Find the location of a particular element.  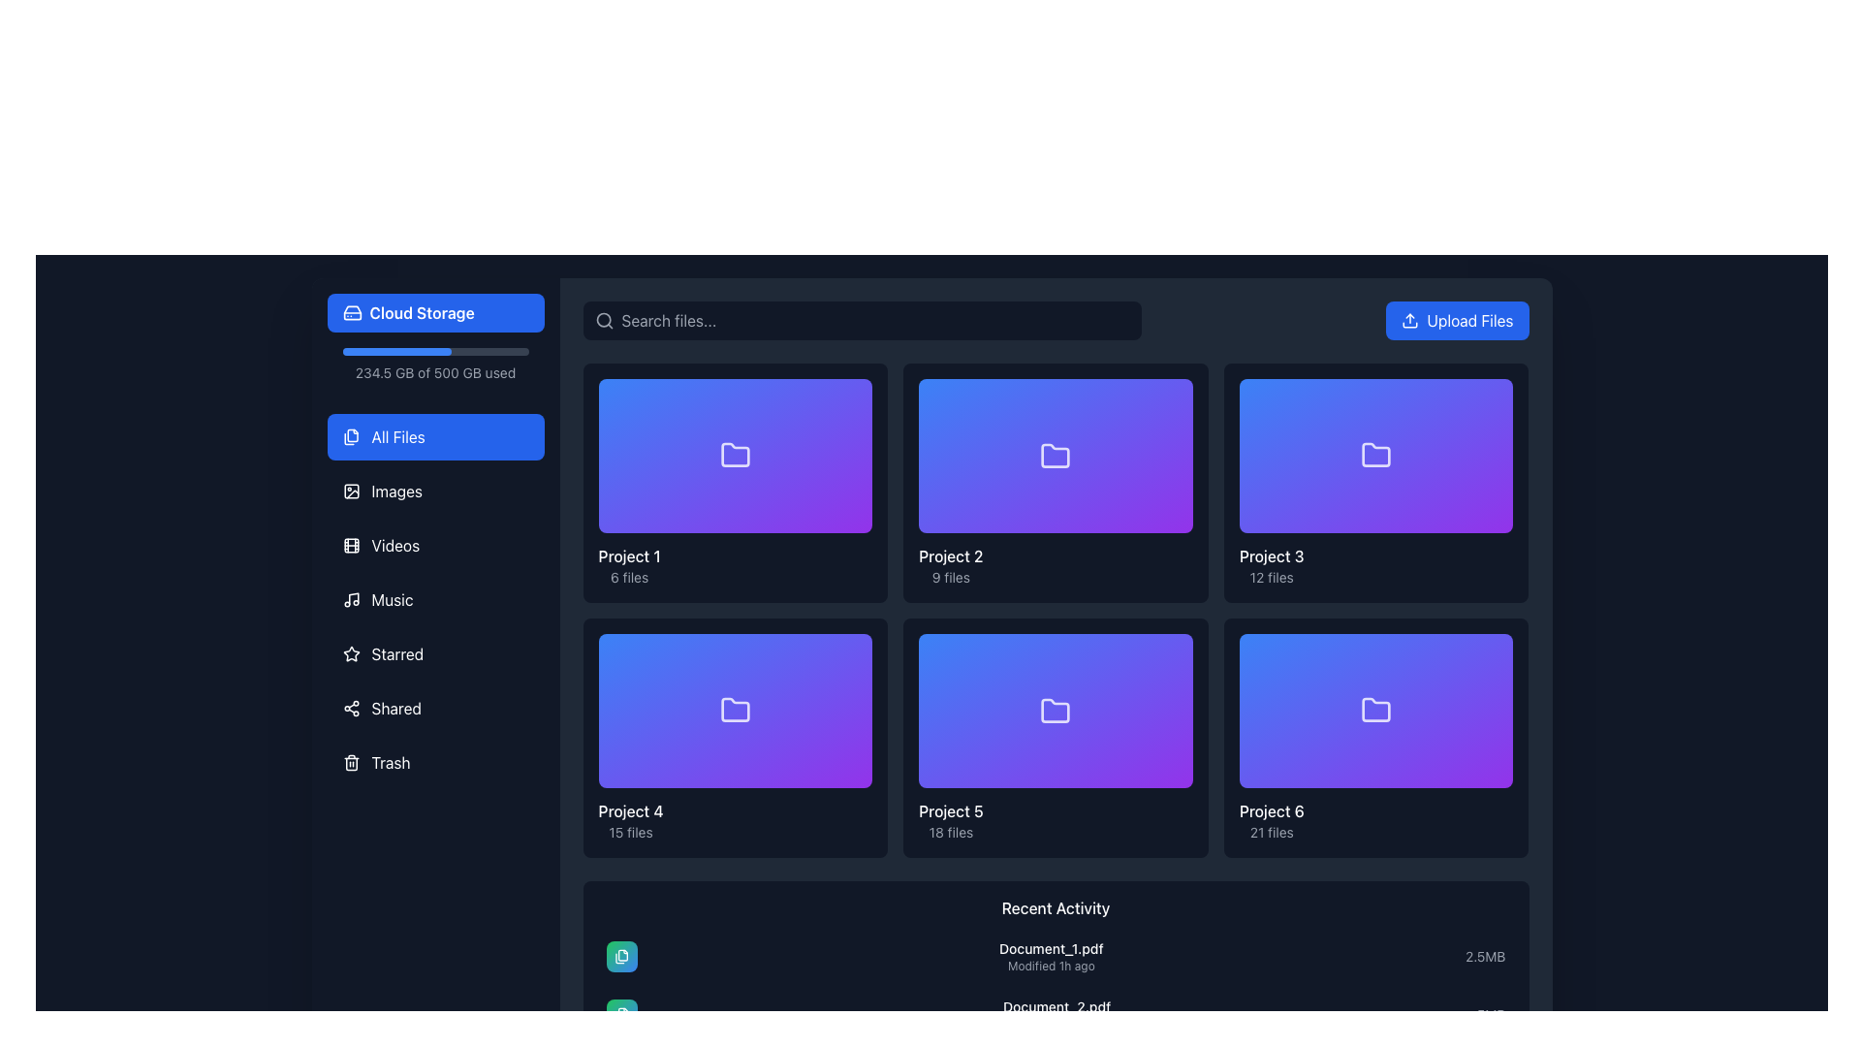

the folder icon with a stylized appearance, located in the 'Project 3' grid item in the second row of the content display section is located at coordinates (1375, 455).